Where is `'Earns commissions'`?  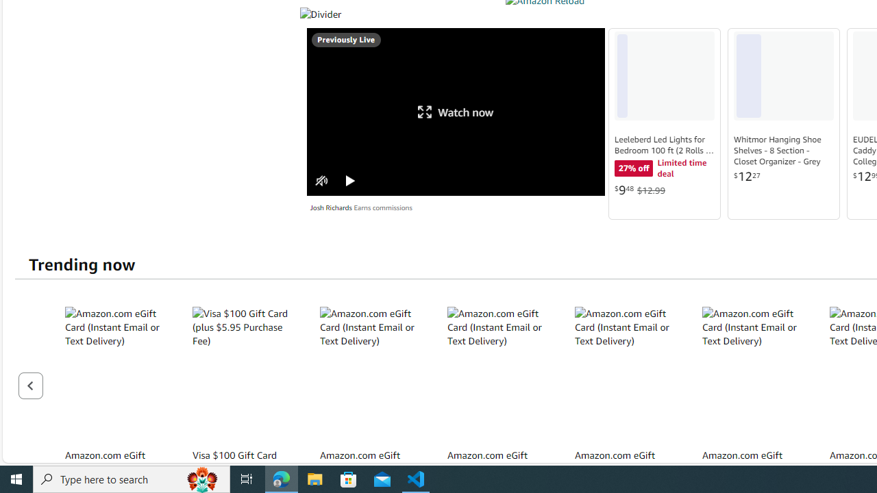
'Earns commissions' is located at coordinates (382, 207).